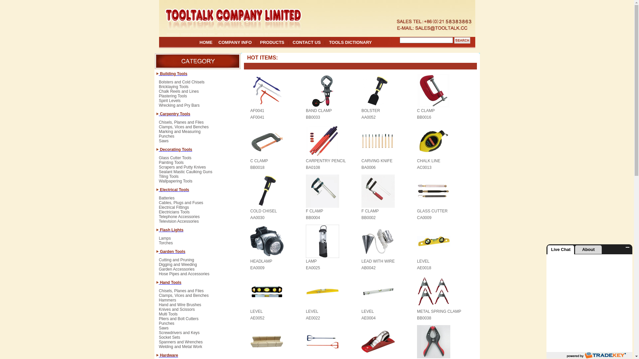  Describe the element at coordinates (311, 261) in the screenshot. I see `'LAMP'` at that location.